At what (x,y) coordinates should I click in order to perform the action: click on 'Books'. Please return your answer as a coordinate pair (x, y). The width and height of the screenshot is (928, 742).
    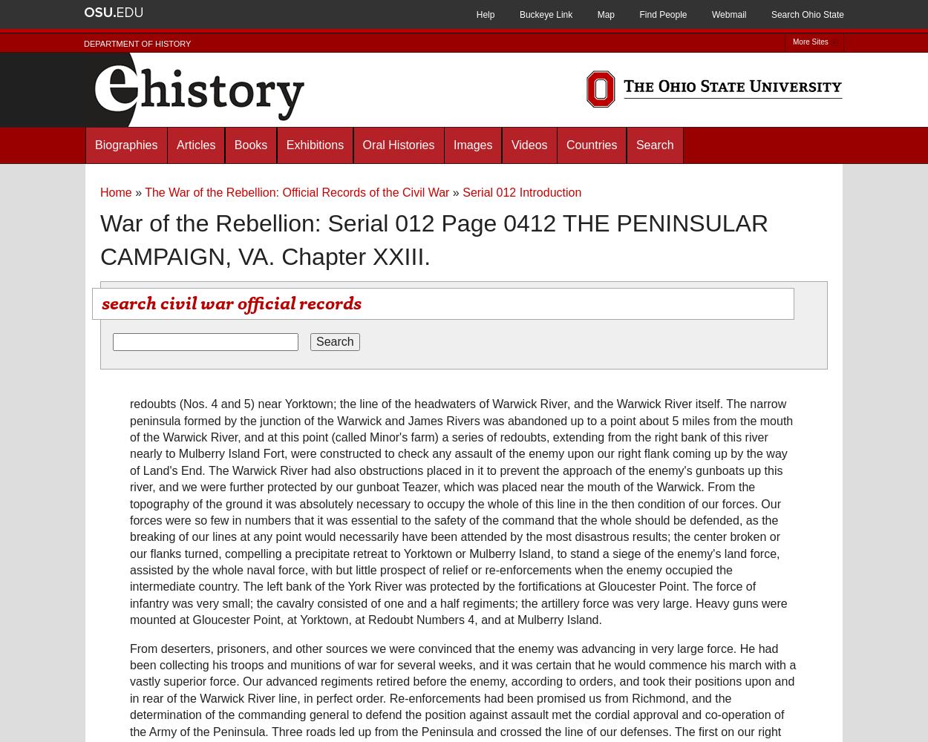
    Looking at the image, I should click on (249, 144).